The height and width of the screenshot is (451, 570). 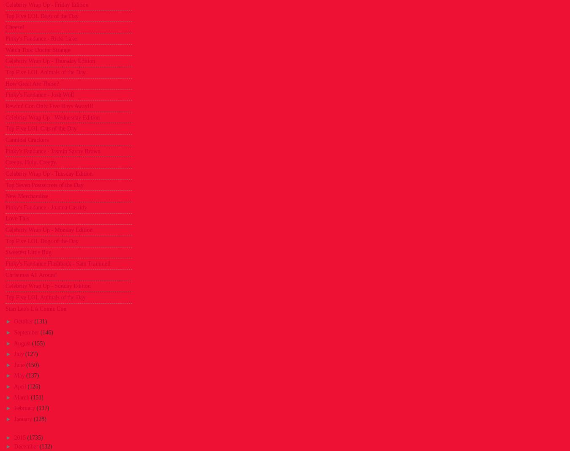 What do you see at coordinates (26, 139) in the screenshot?
I see `'Cannibal Crackers'` at bounding box center [26, 139].